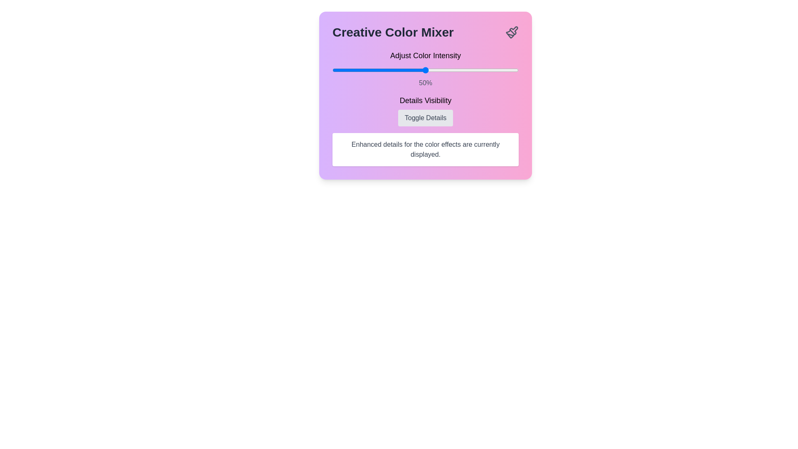  I want to click on the Text Label that indicates the current state or effect, located in the bottom section of a white, rounded rectangle with shadows, so click(425, 149).